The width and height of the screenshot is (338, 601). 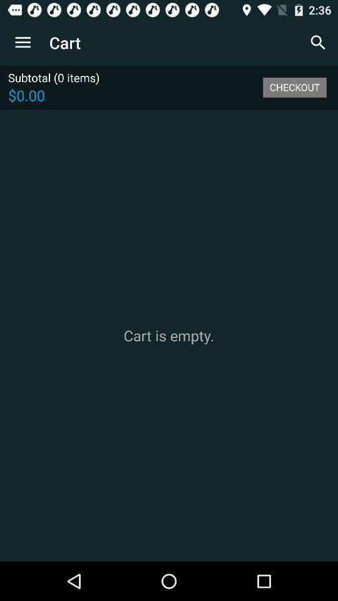 I want to click on the item next to the cart app, so click(x=318, y=43).